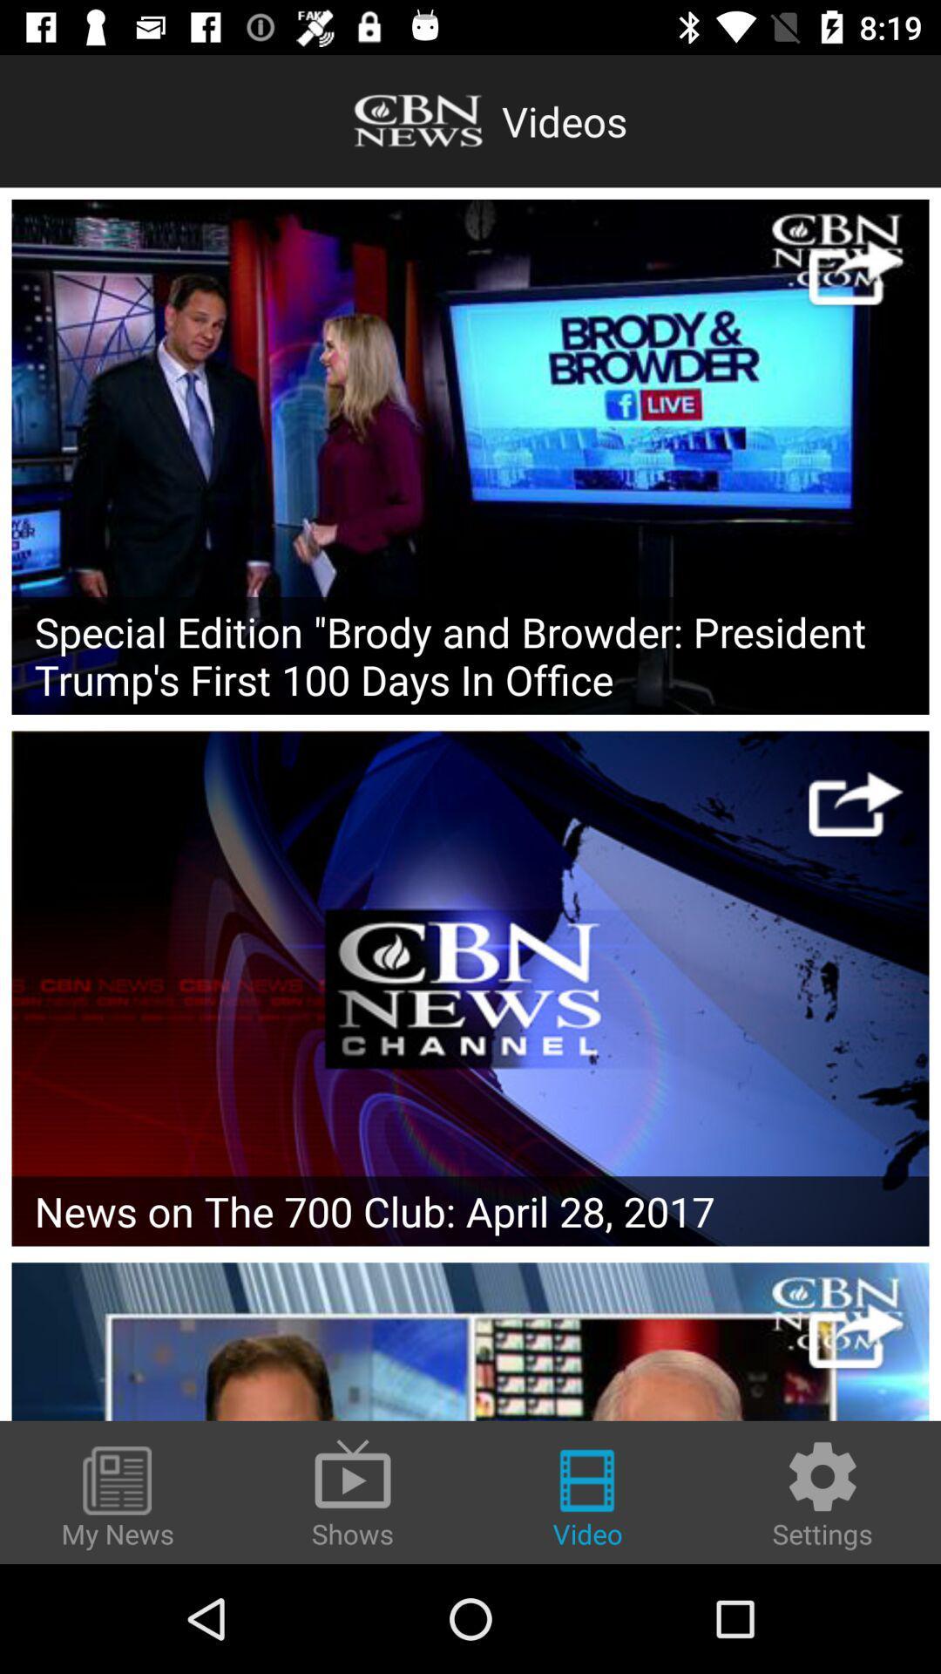  What do you see at coordinates (470, 988) in the screenshot?
I see `open news video` at bounding box center [470, 988].